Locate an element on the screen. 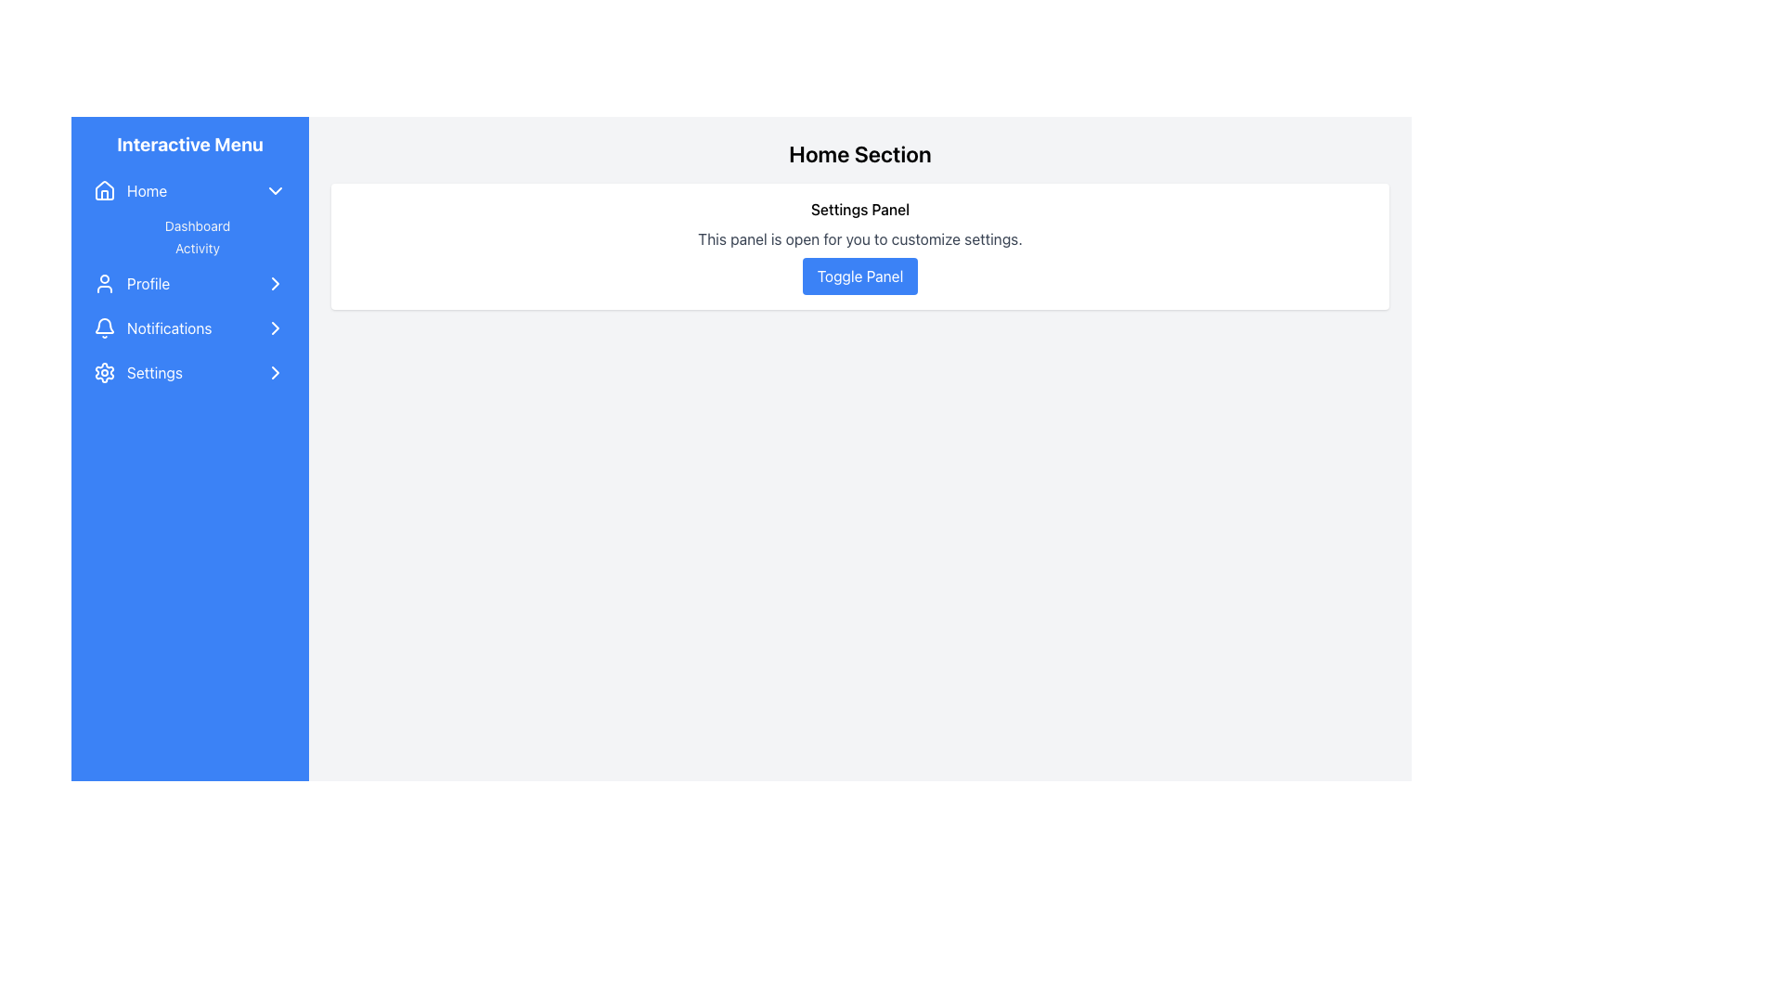 Image resolution: width=1782 pixels, height=1002 pixels. the first interactive Dropdown Menu Item in the sidebar is located at coordinates (190, 190).